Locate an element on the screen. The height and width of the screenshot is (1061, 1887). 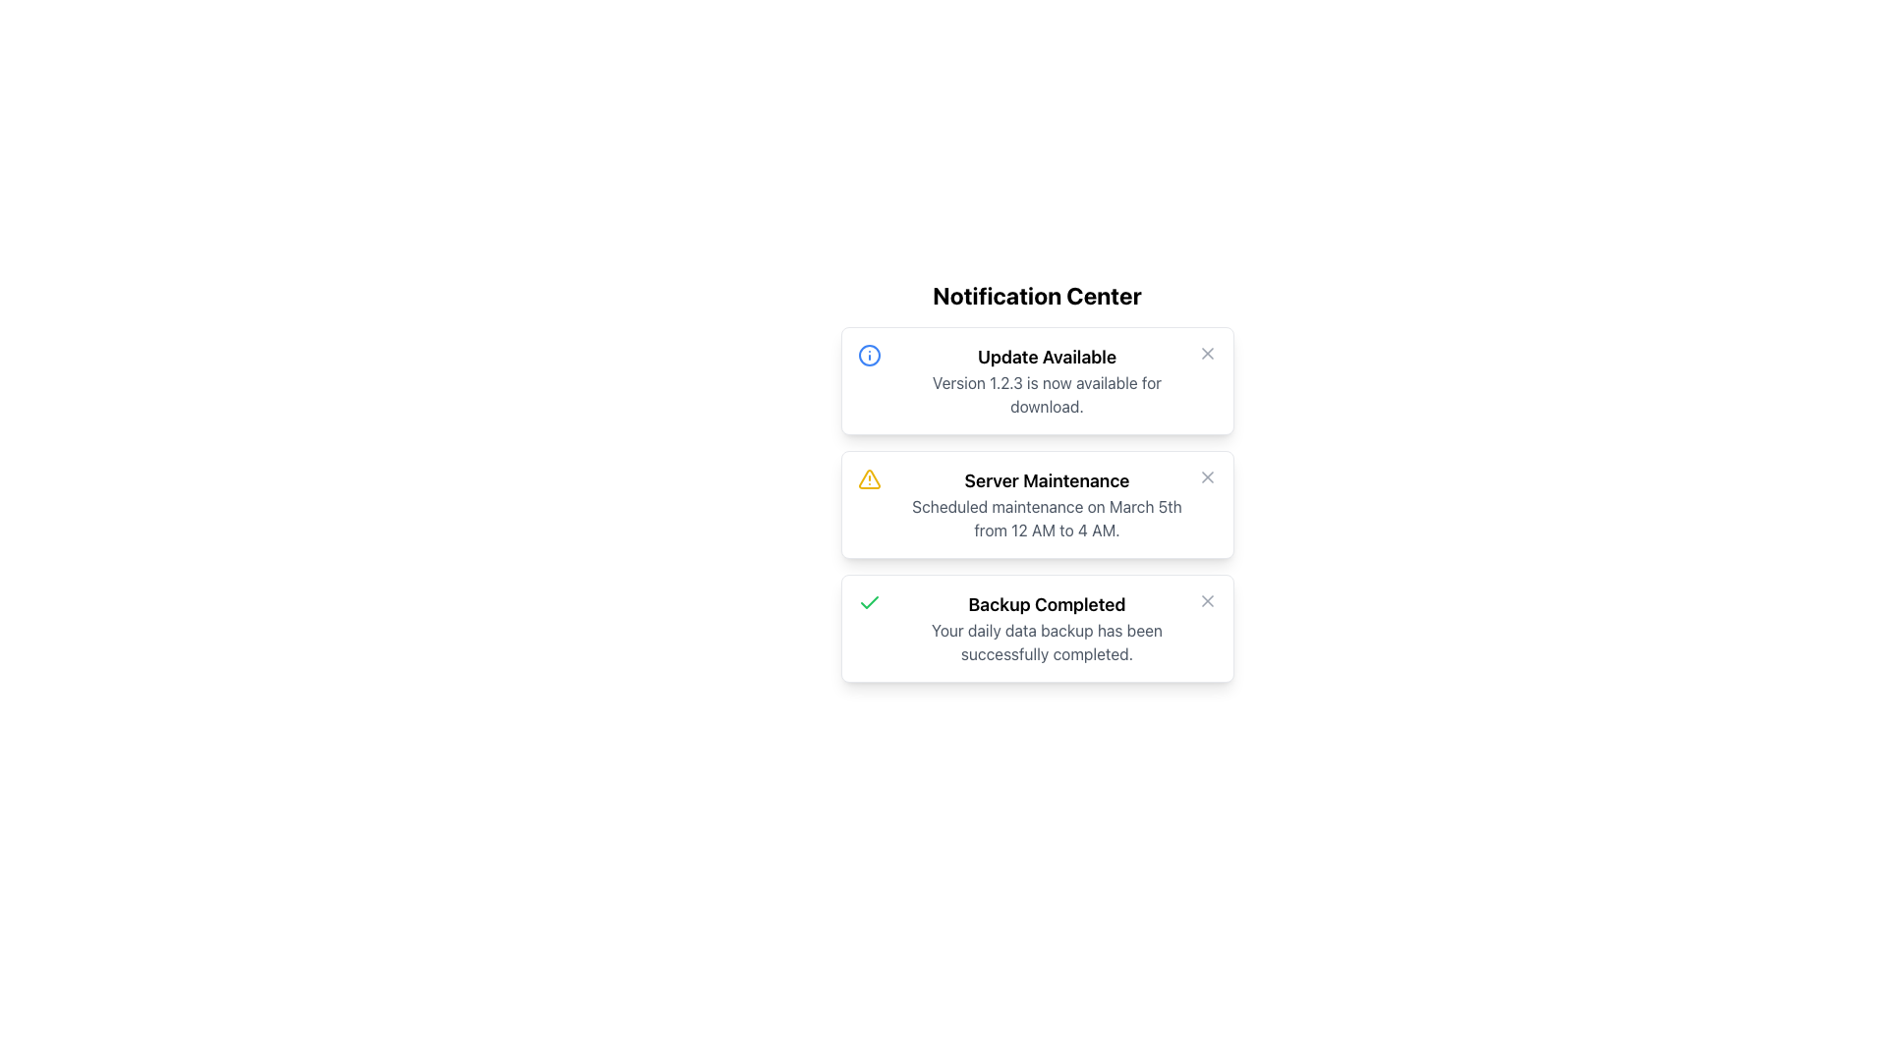
green checkmark icon that indicates a successful backup completion, located next to the text 'Backup Completed' is located at coordinates (868, 601).